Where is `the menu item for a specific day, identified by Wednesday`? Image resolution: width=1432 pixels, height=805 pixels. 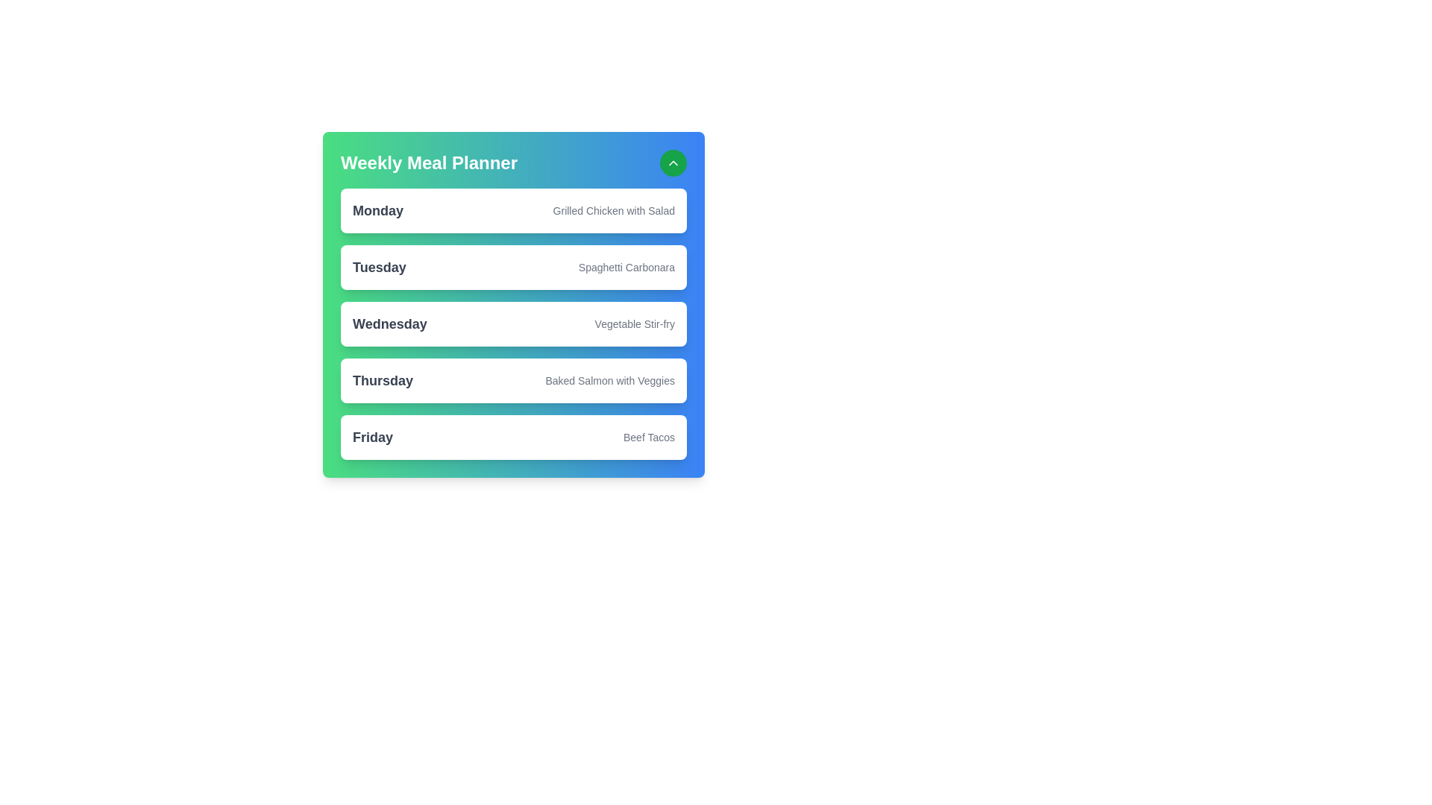 the menu item for a specific day, identified by Wednesday is located at coordinates (389, 323).